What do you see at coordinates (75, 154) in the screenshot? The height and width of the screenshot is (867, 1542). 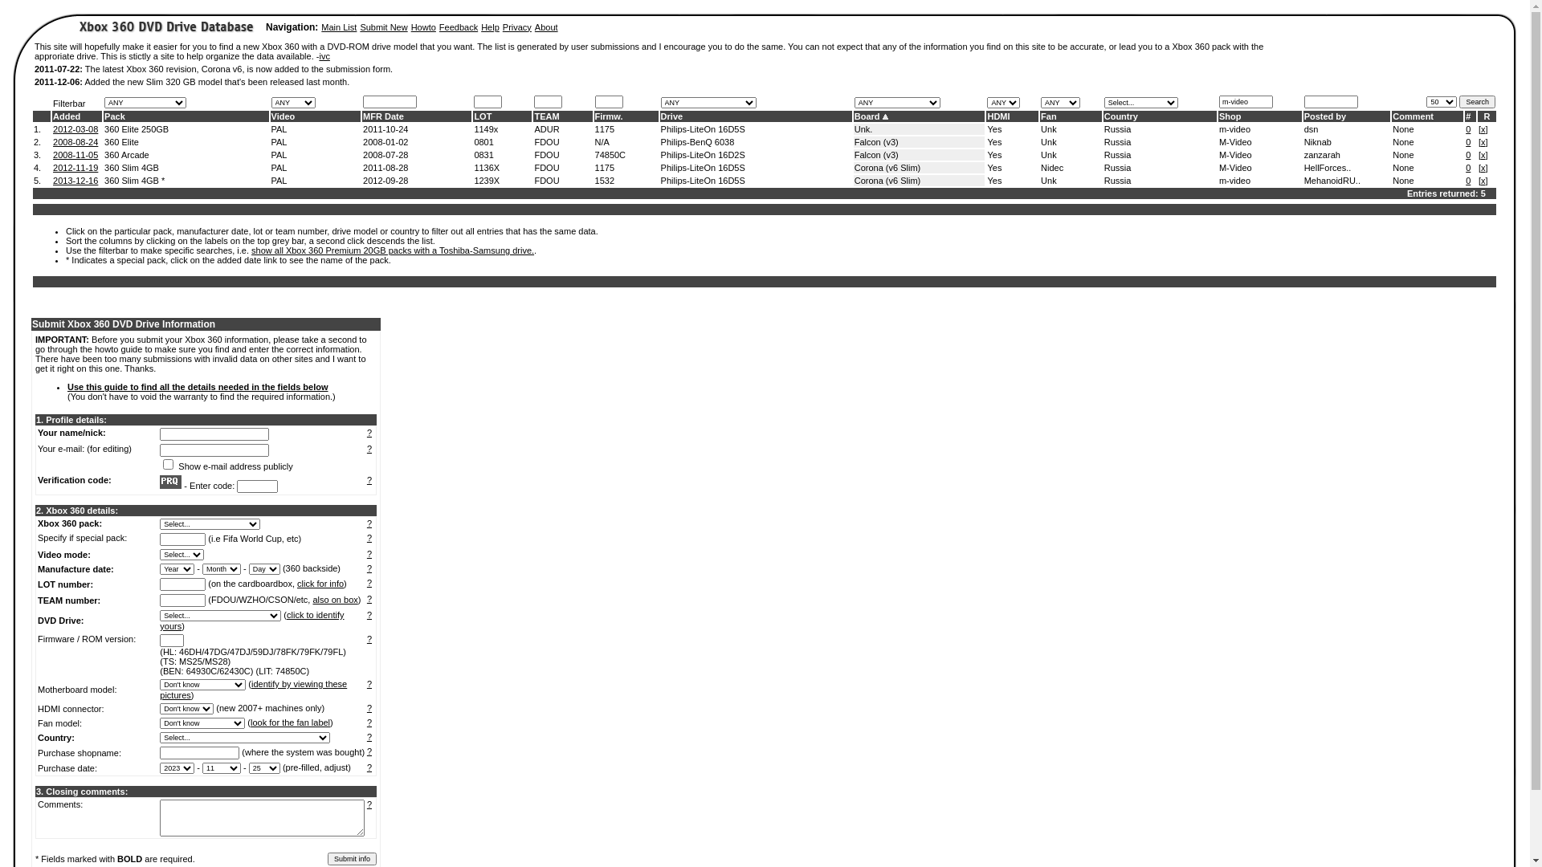 I see `'2008-11-05'` at bounding box center [75, 154].